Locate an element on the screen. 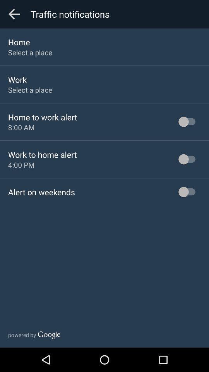 Image resolution: width=209 pixels, height=372 pixels. alert on weekends app is located at coordinates (41, 191).